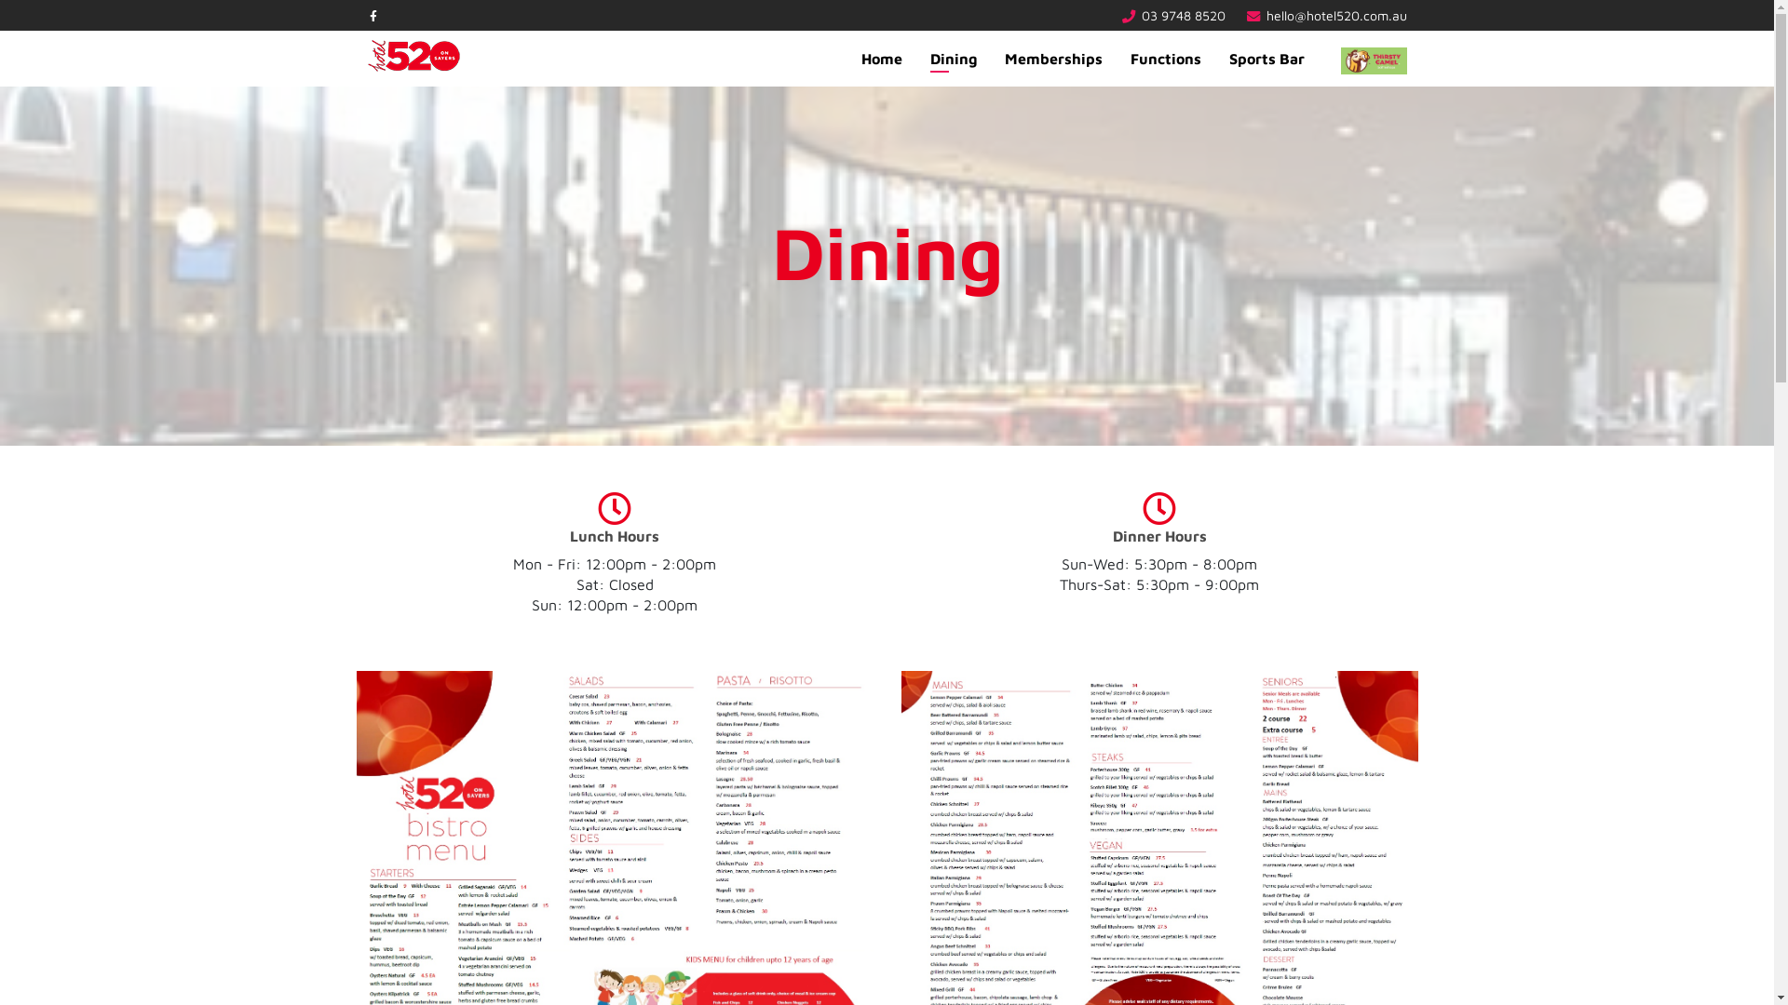 The height and width of the screenshot is (1005, 1788). I want to click on 'hello@hotel520.com.au', so click(1335, 15).